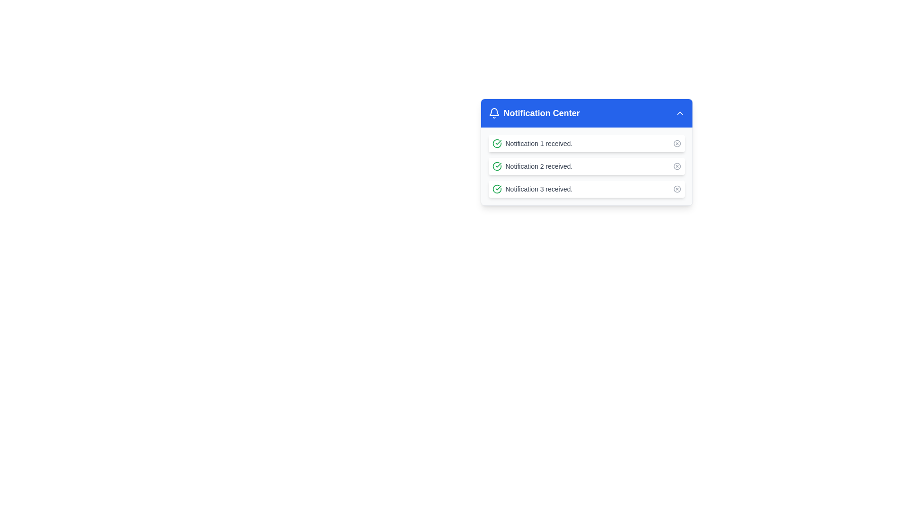  I want to click on the status indicated by the checkmark icon located to the left of the text 'Notification 2 received.' in the Notification Center, which signifies that the notification has been successfully acknowledged, so click(496, 166).